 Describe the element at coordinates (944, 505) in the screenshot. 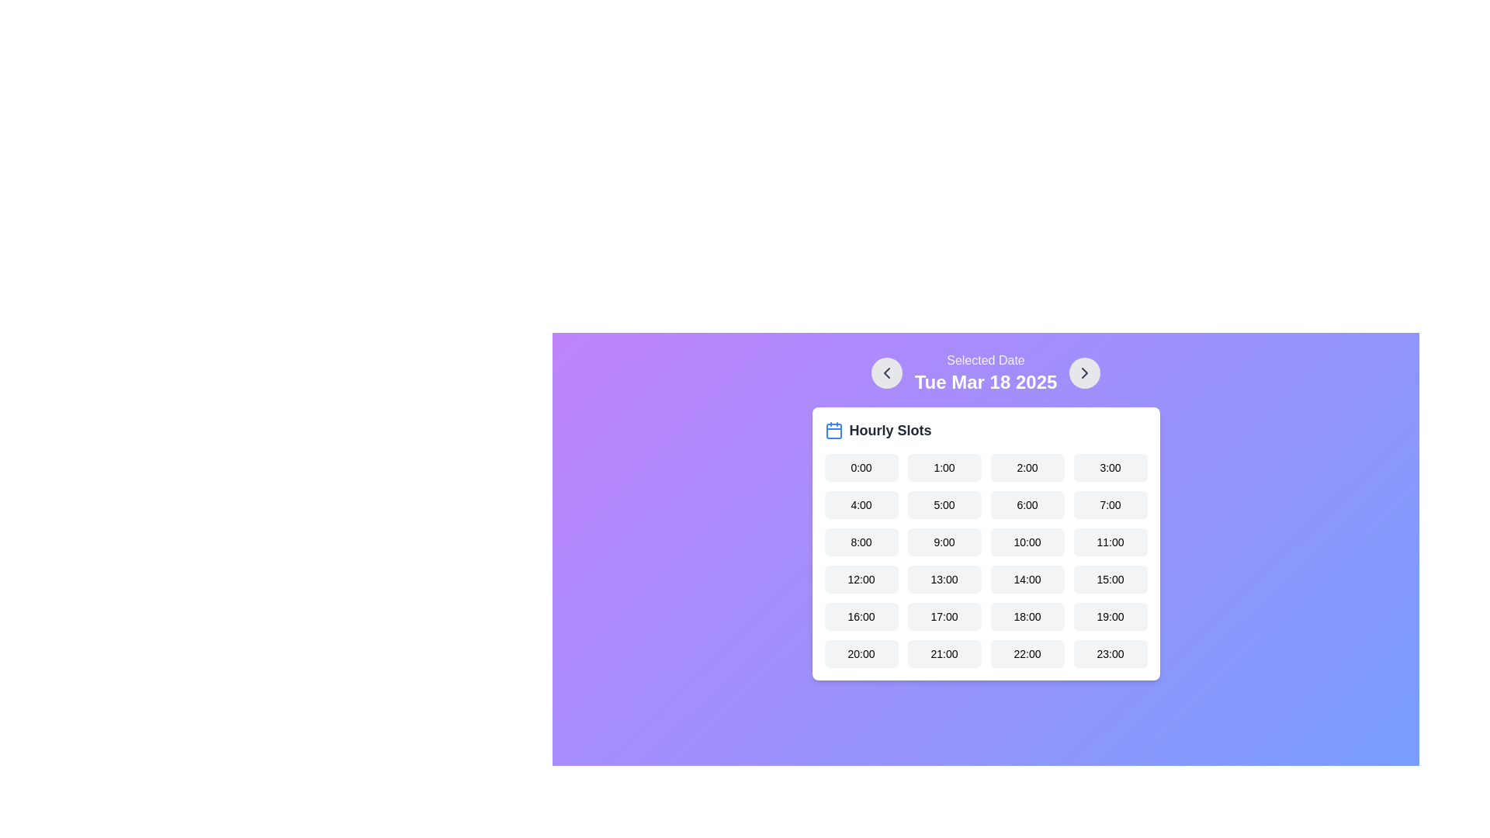

I see `the hourly time slot button representing 5:00 located in the second row and second column of the grid` at that location.